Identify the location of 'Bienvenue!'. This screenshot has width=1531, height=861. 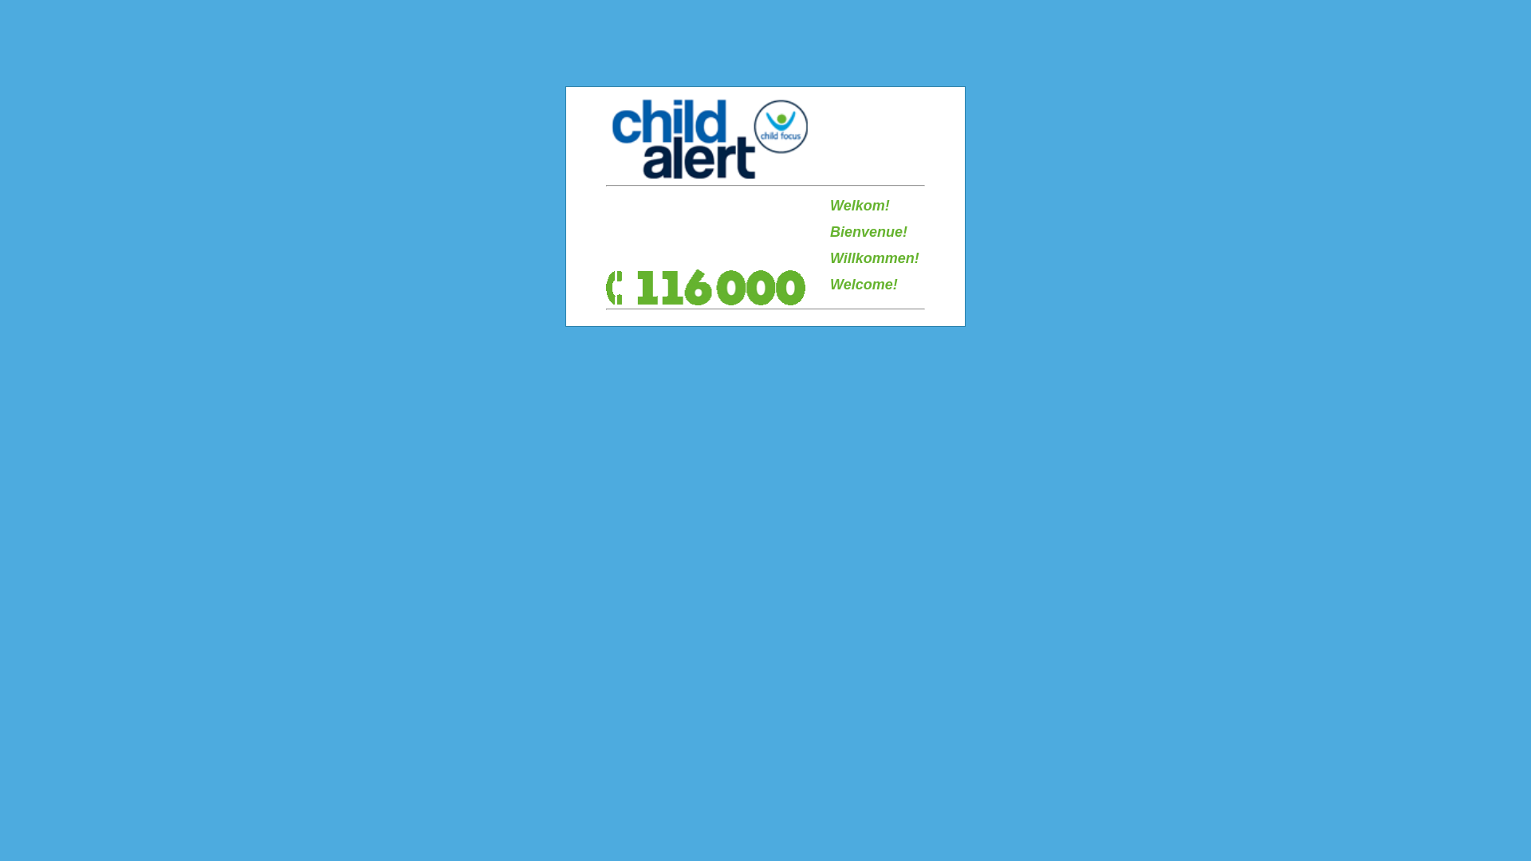
(868, 231).